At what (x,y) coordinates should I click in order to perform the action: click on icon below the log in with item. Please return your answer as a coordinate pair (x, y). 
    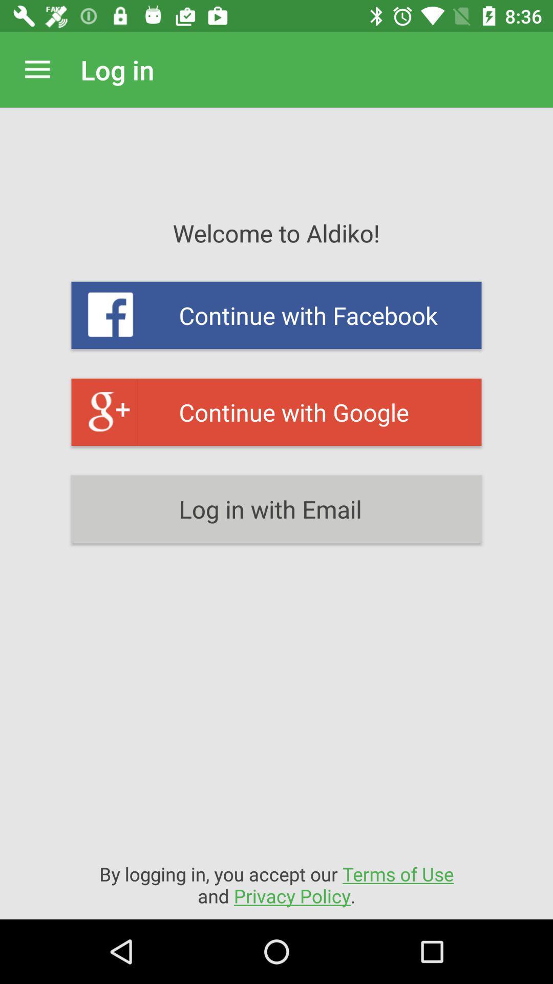
    Looking at the image, I should click on (276, 884).